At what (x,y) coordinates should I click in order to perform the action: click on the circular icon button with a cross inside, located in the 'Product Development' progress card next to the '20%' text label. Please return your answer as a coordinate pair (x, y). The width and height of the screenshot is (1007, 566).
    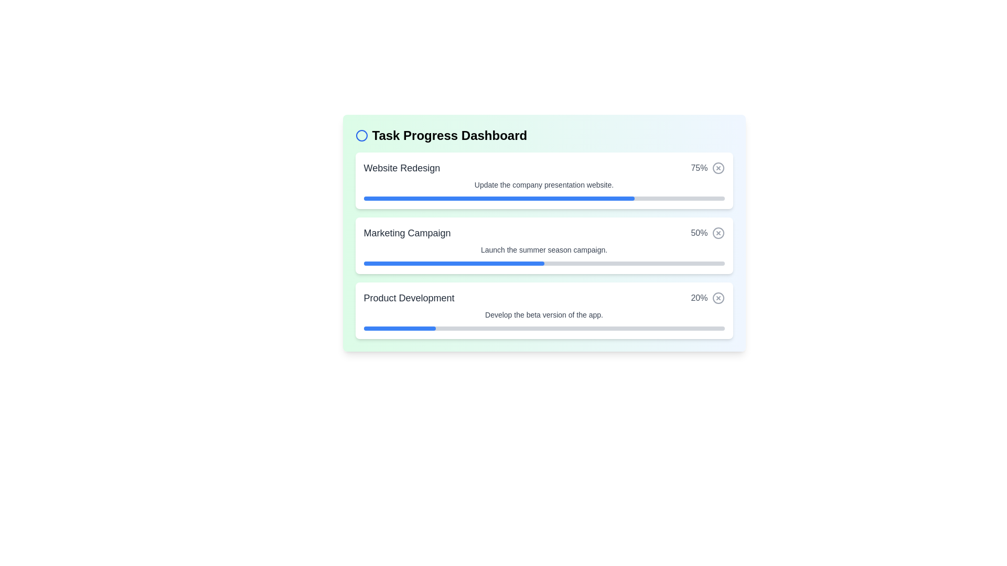
    Looking at the image, I should click on (717, 298).